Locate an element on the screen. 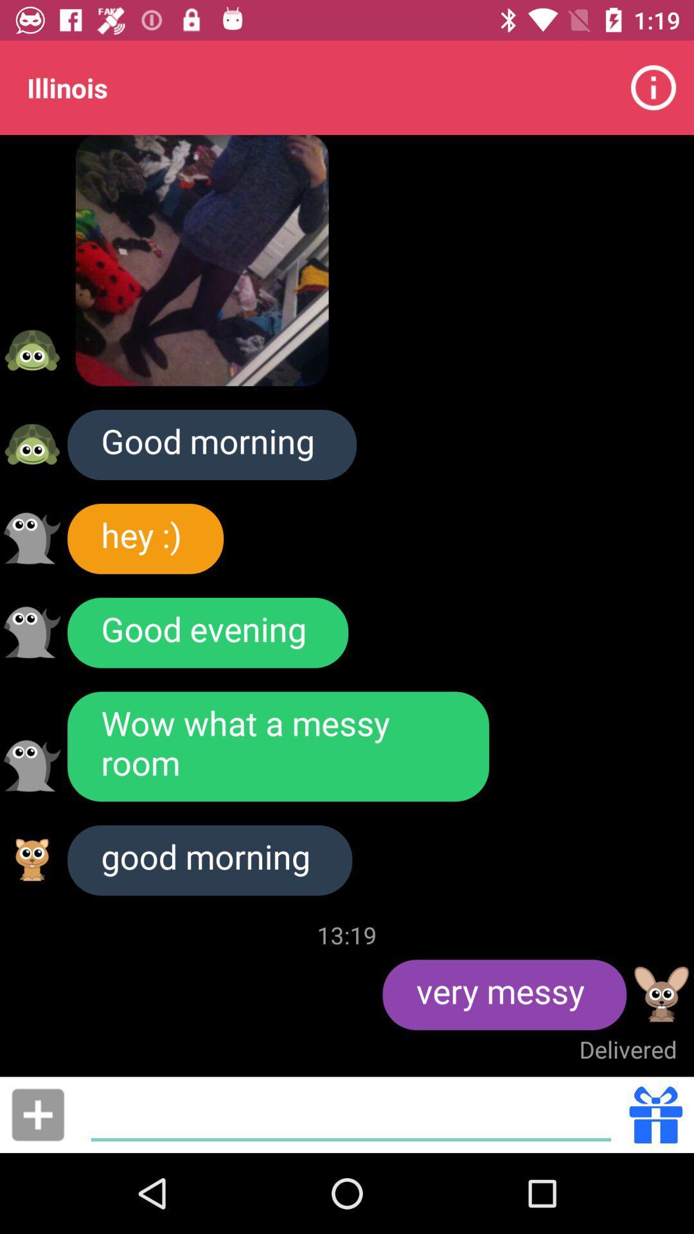  avatar more info is located at coordinates (31, 765).